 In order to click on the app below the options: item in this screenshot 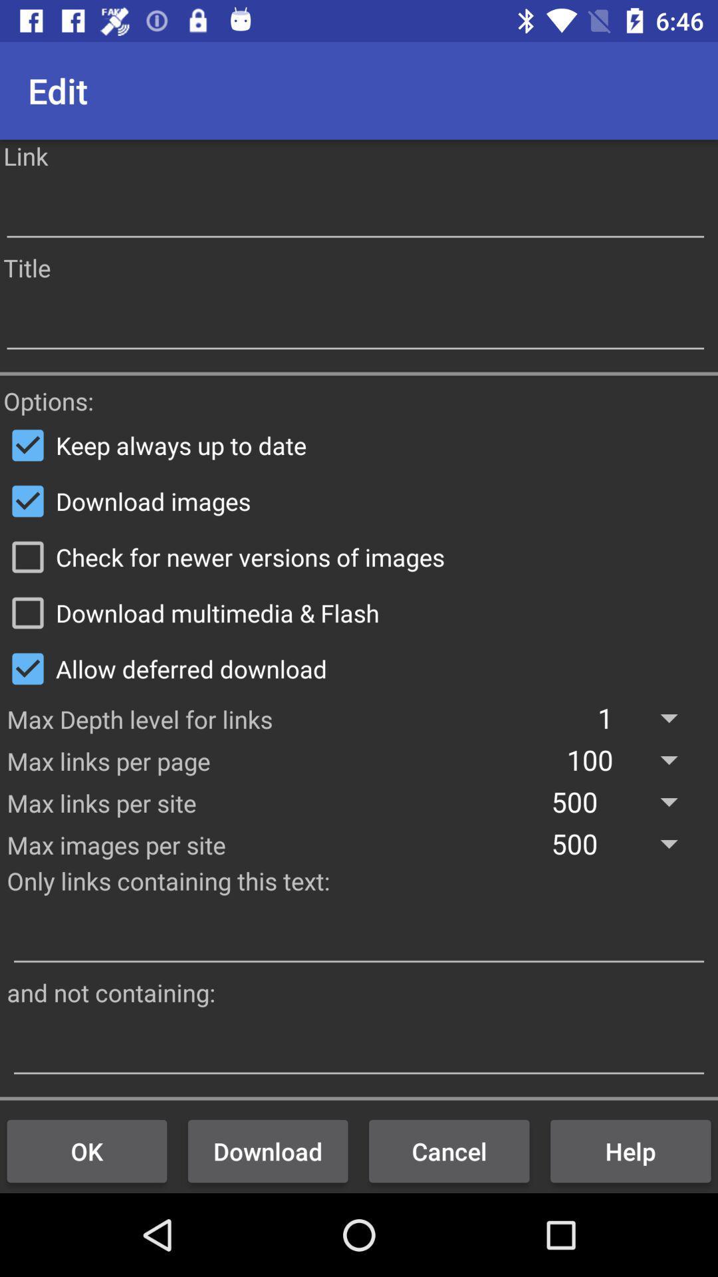, I will do `click(359, 445)`.